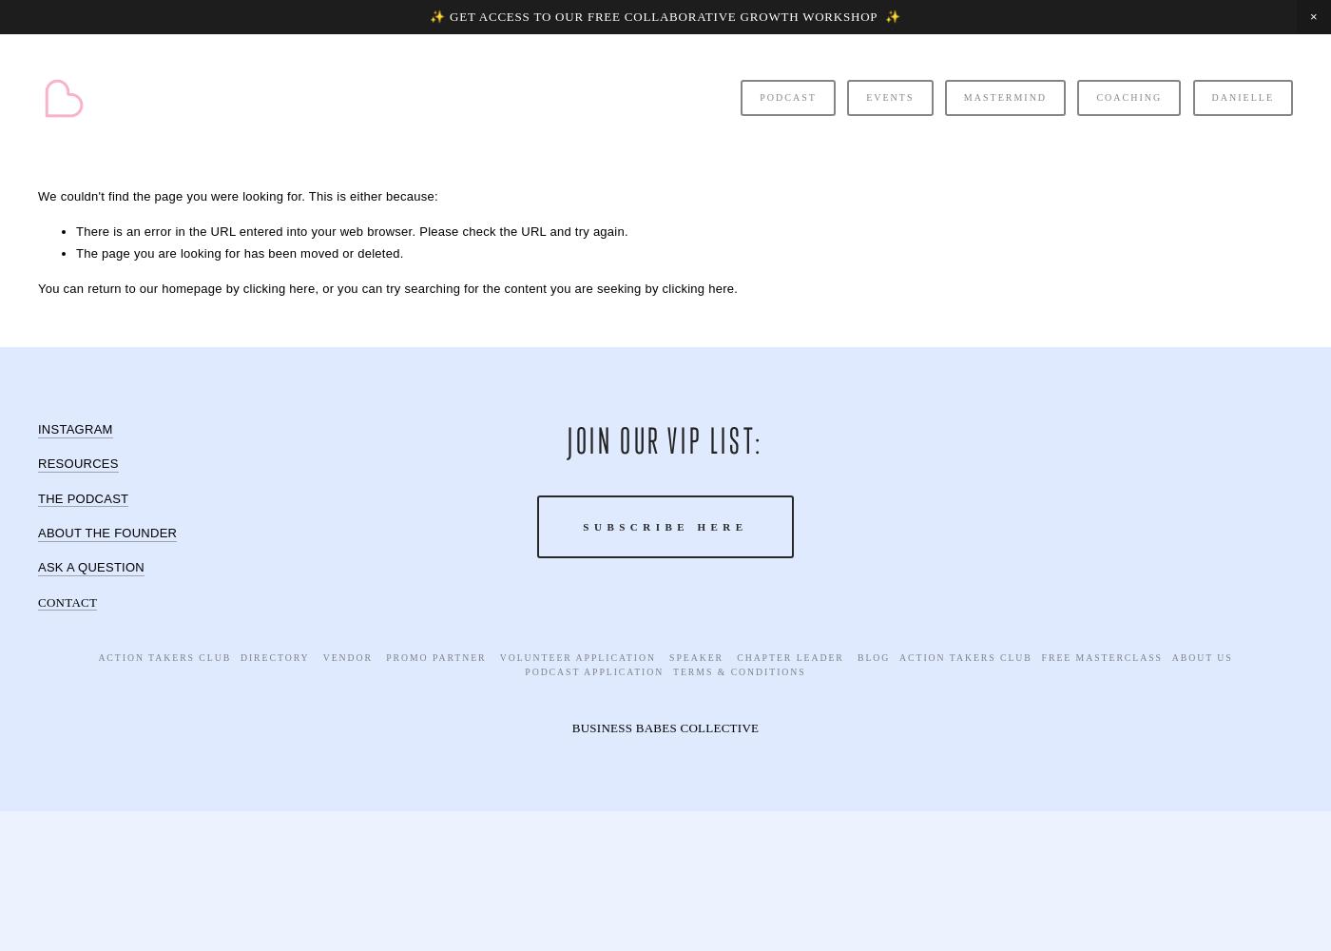 This screenshot has height=951, width=1331. Describe the element at coordinates (577, 656) in the screenshot. I see `'Volunteer Application'` at that location.